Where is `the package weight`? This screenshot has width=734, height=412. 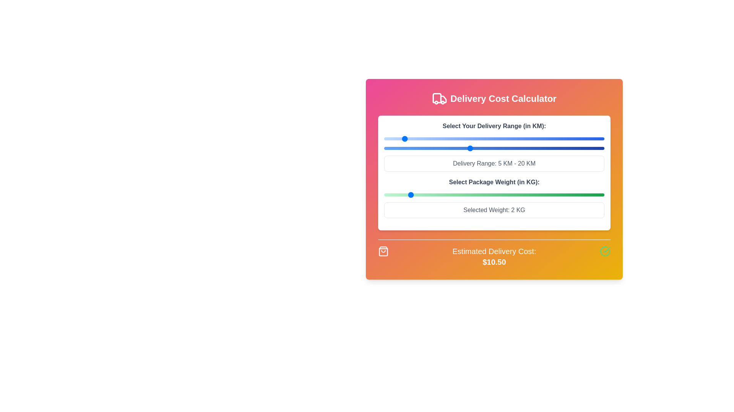
the package weight is located at coordinates (555, 194).